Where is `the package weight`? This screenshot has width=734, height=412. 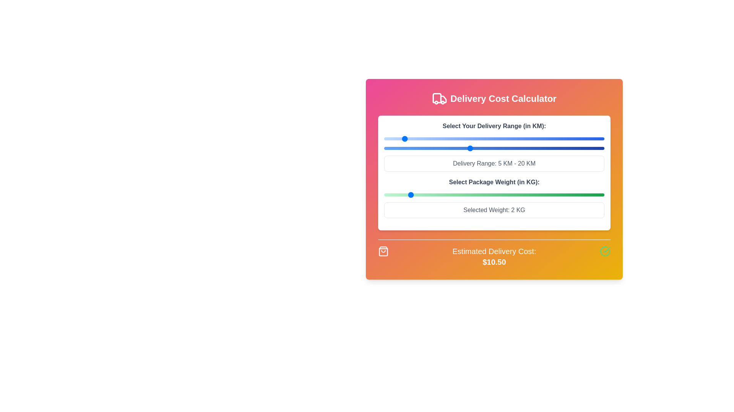
the package weight is located at coordinates (555, 194).